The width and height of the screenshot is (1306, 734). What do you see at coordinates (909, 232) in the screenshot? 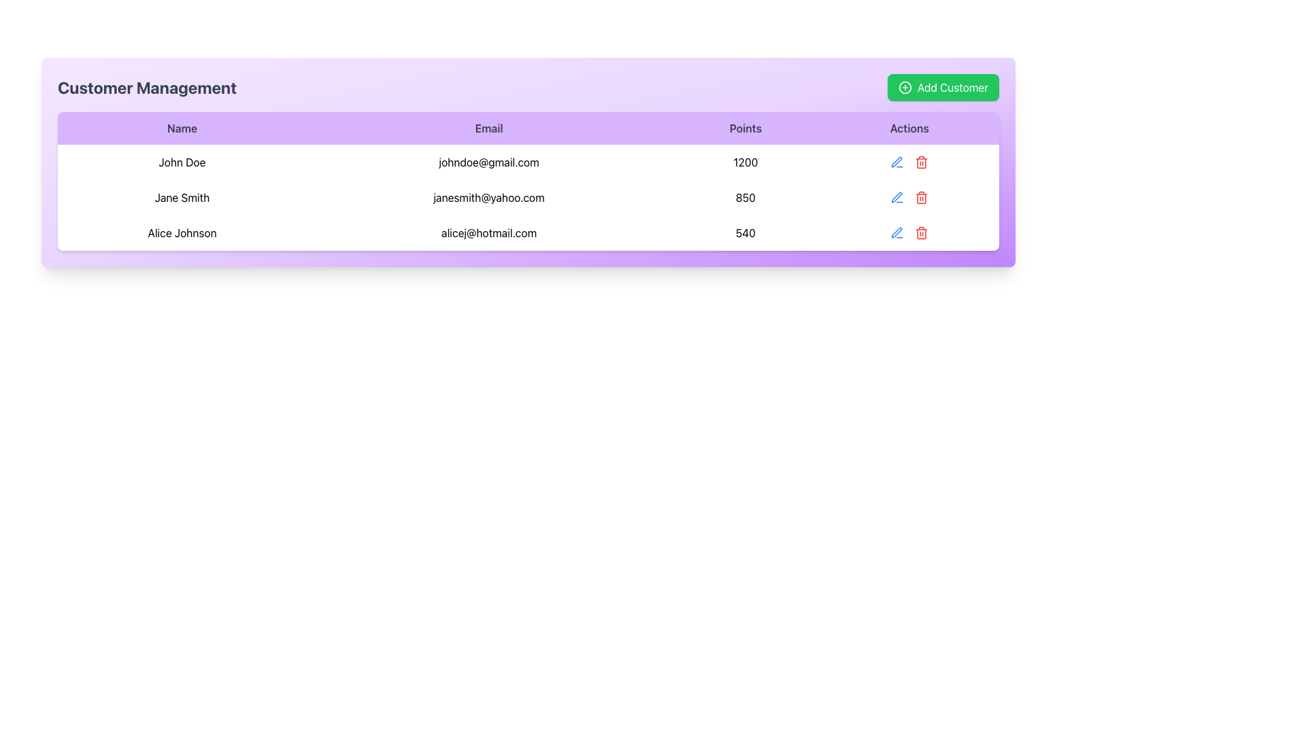
I see `the red trash bin icon in the Actions column for the entry of Alice Johnson` at bounding box center [909, 232].